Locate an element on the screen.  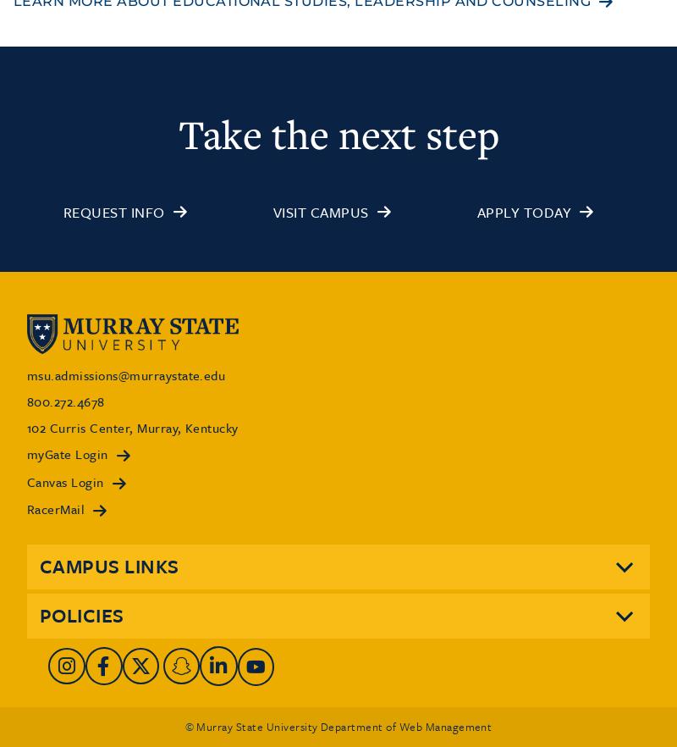
'800.272.4678' is located at coordinates (65, 400).